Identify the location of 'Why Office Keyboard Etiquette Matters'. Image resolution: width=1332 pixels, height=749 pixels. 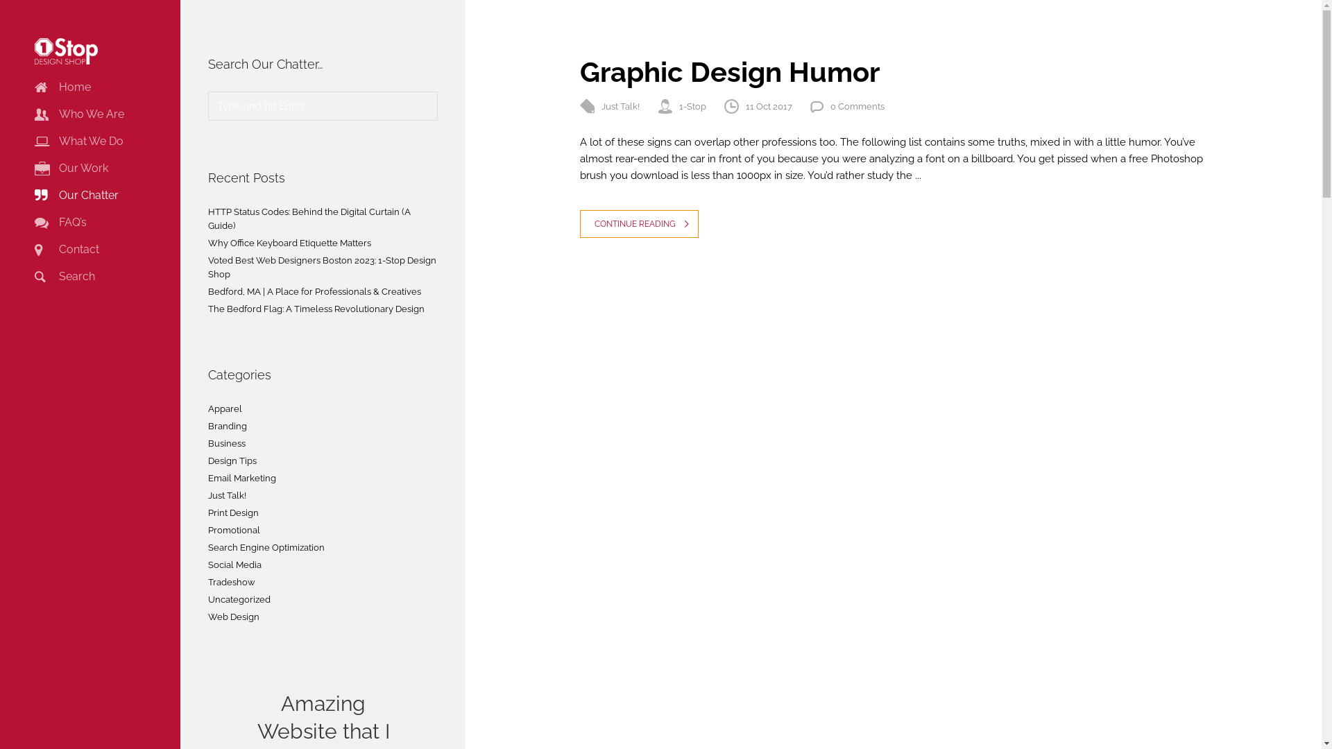
(289, 243).